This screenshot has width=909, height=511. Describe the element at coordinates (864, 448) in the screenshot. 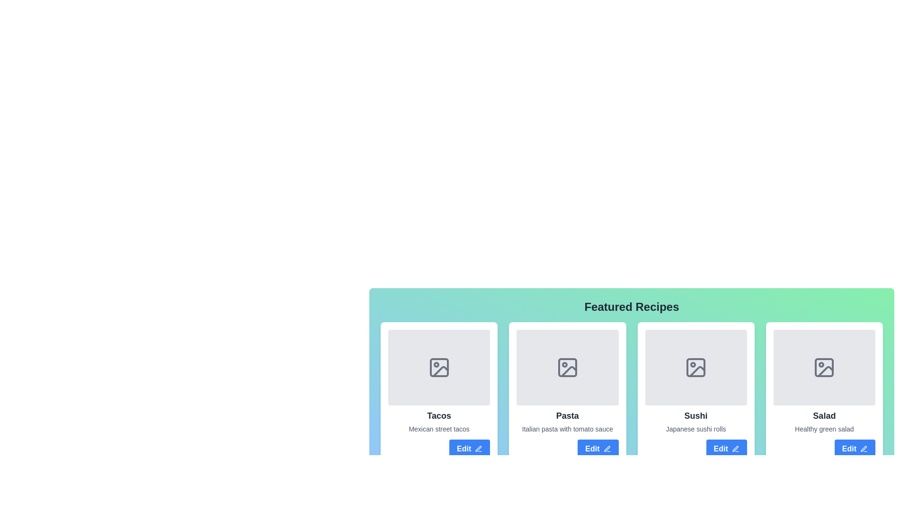

I see `the pen icon next to the 'Edit' text in the 'Edit' button of the 'Salad' card to initiate the edit action` at that location.